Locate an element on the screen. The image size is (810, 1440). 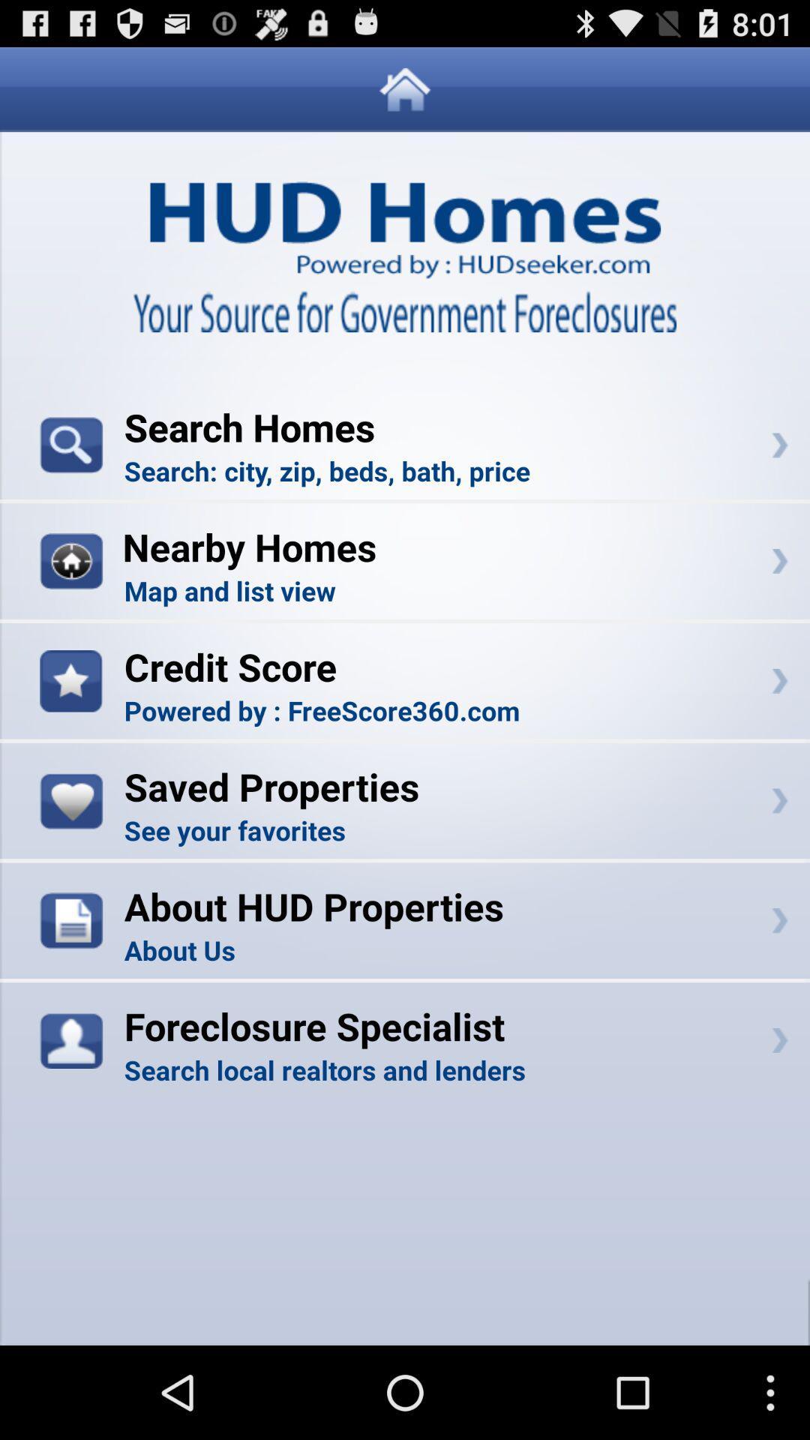
the image which is beside about hud properties is located at coordinates (71, 919).